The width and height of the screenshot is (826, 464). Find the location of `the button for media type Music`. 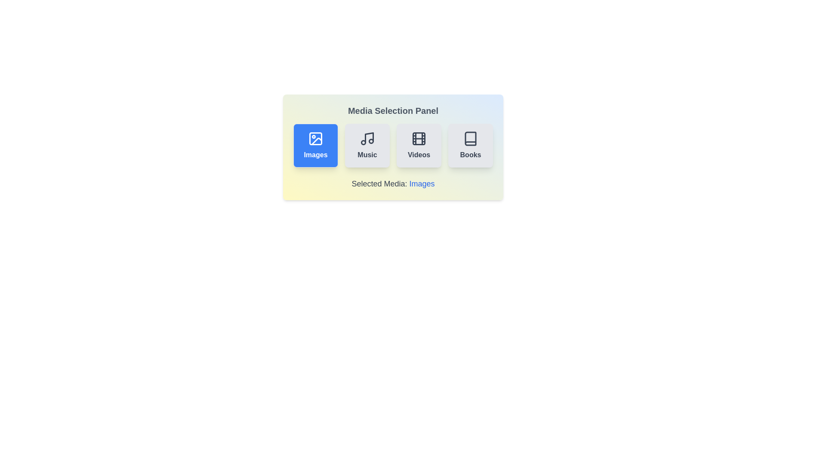

the button for media type Music is located at coordinates (367, 145).